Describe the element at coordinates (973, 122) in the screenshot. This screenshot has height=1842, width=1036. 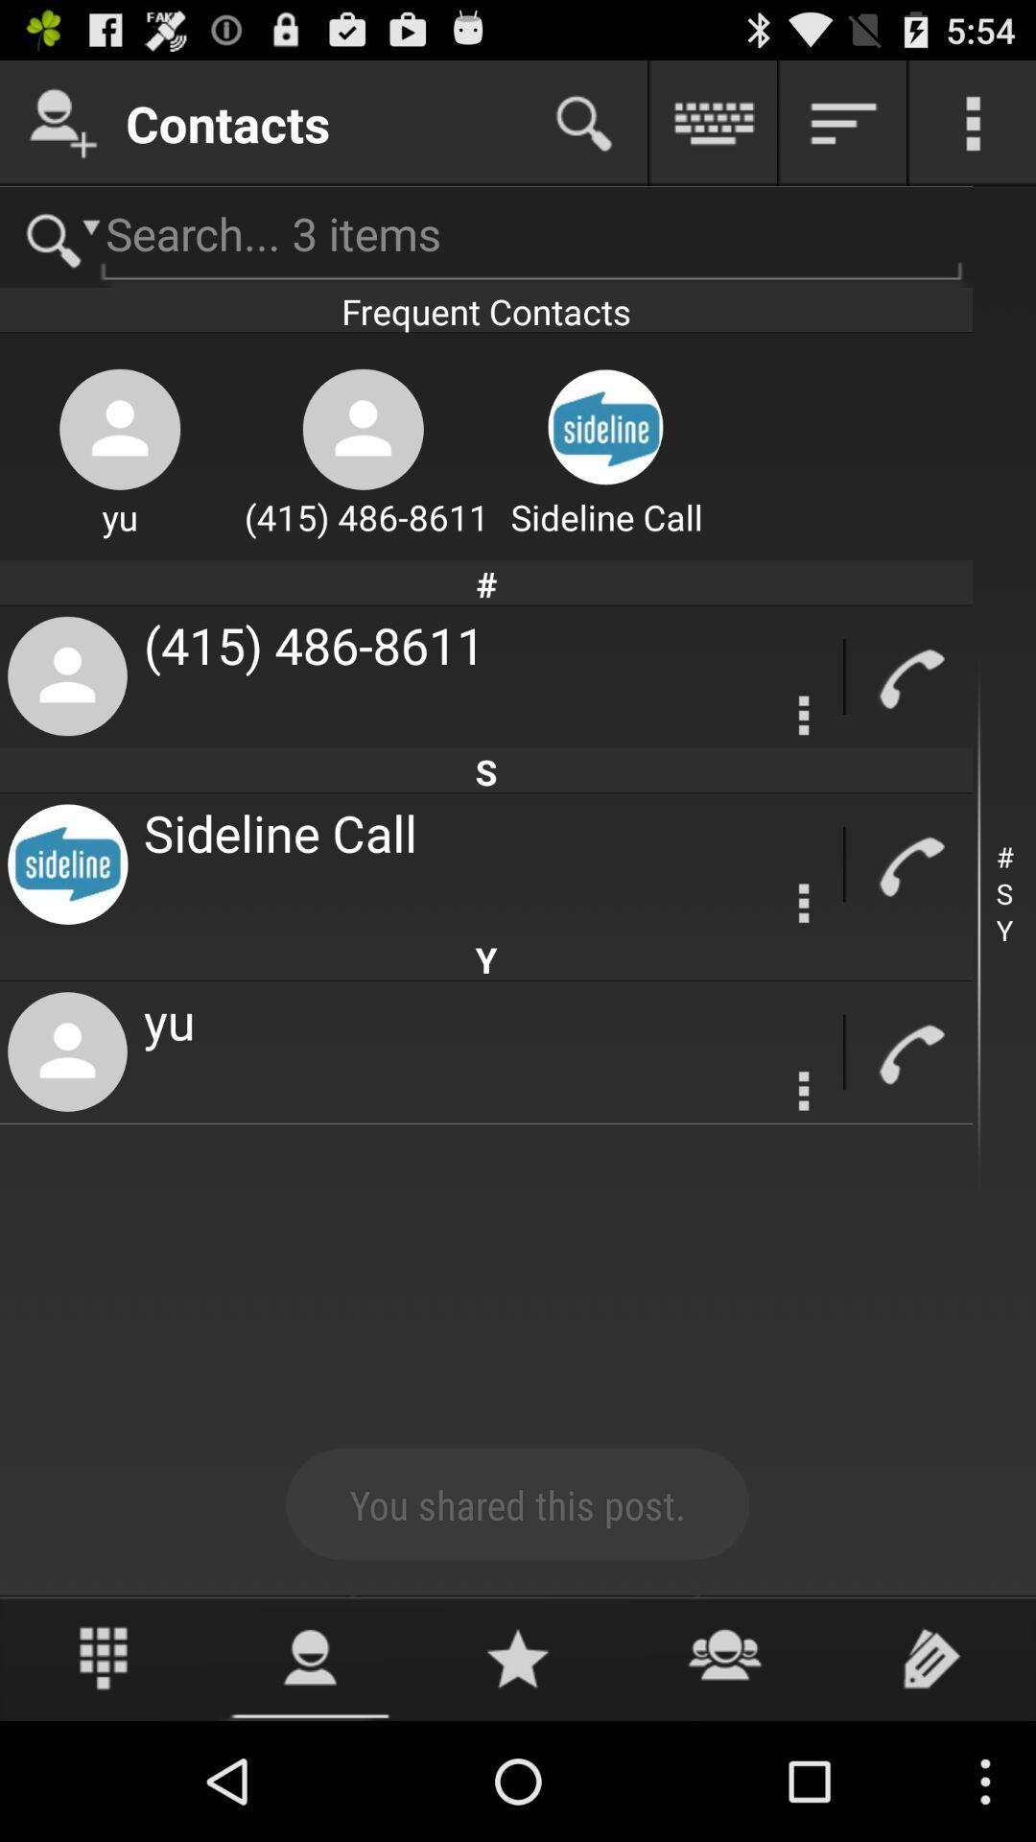
I see `open the menu` at that location.